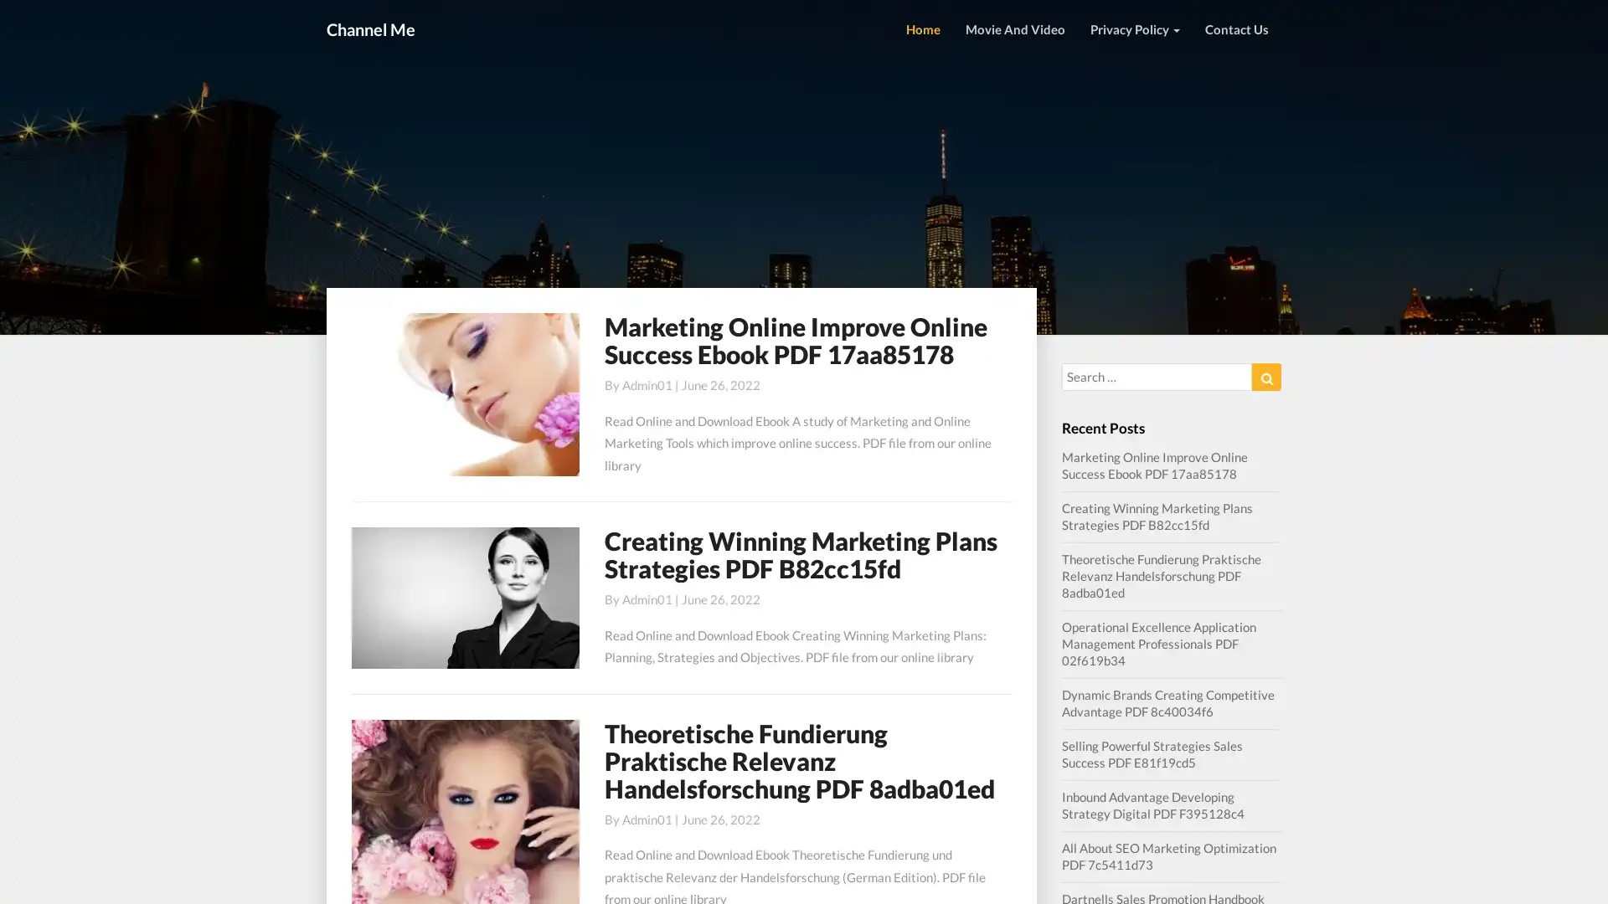 This screenshot has width=1608, height=904. I want to click on Search, so click(1266, 377).